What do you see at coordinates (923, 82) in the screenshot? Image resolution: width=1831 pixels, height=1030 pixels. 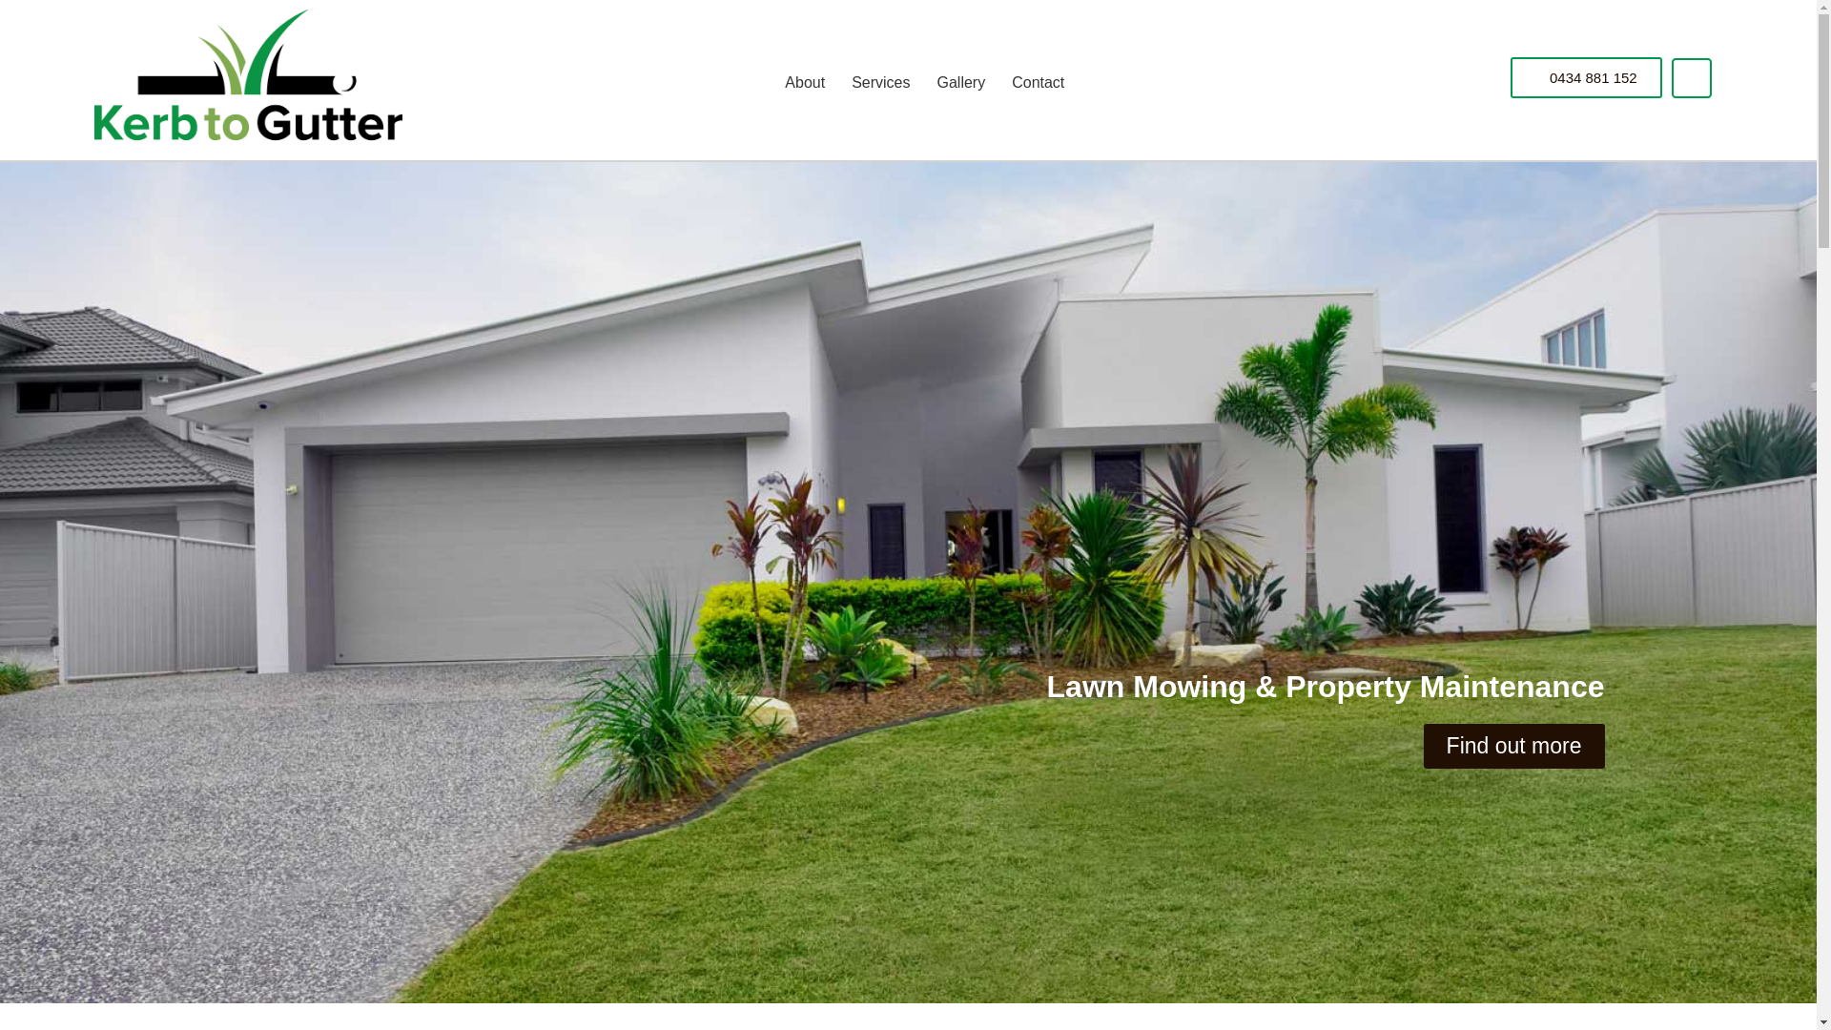 I see `'Gallery'` at bounding box center [923, 82].